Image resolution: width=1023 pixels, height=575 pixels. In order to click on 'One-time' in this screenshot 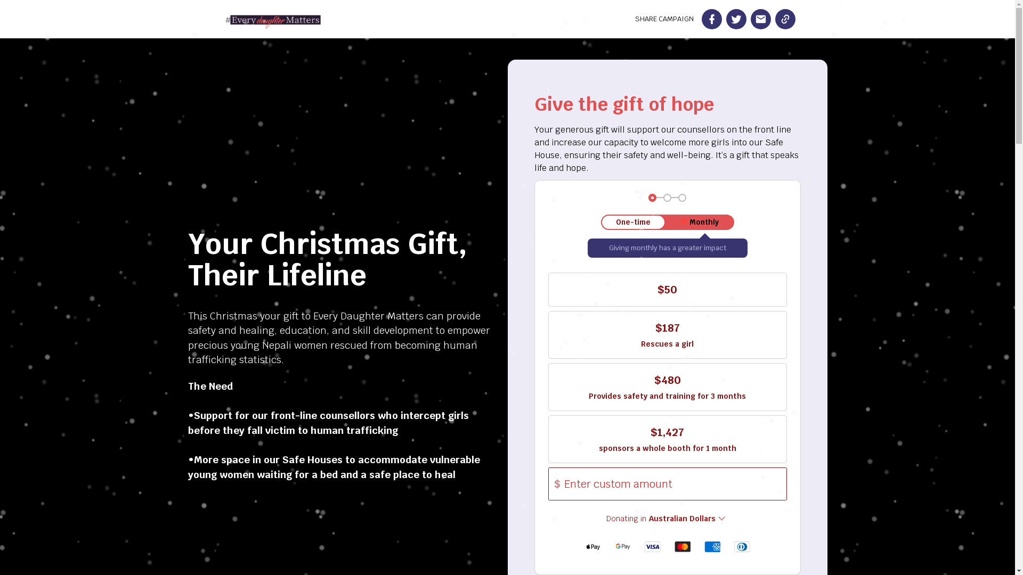, I will do `click(633, 221)`.